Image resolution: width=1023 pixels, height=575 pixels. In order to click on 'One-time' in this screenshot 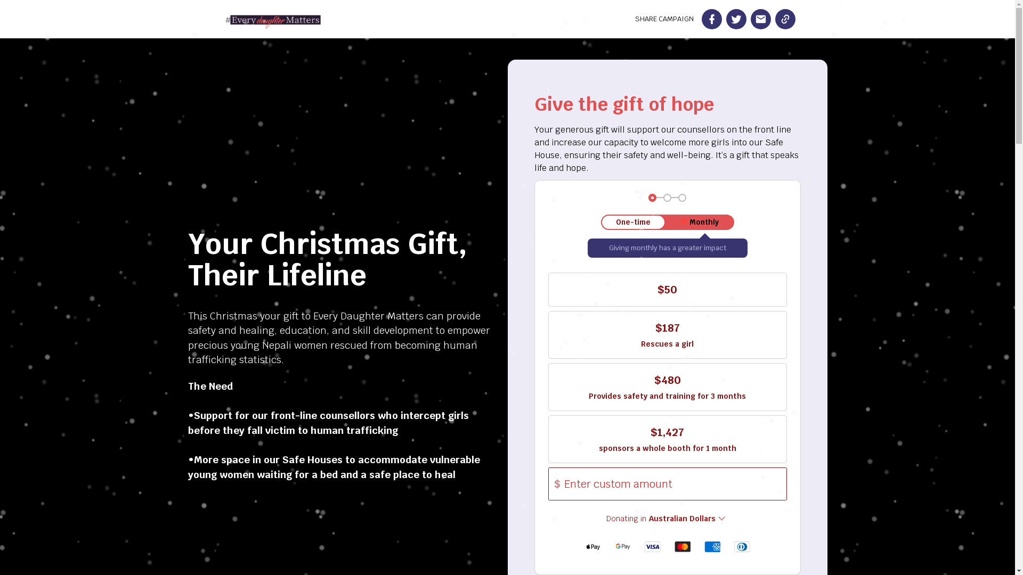, I will do `click(633, 221)`.